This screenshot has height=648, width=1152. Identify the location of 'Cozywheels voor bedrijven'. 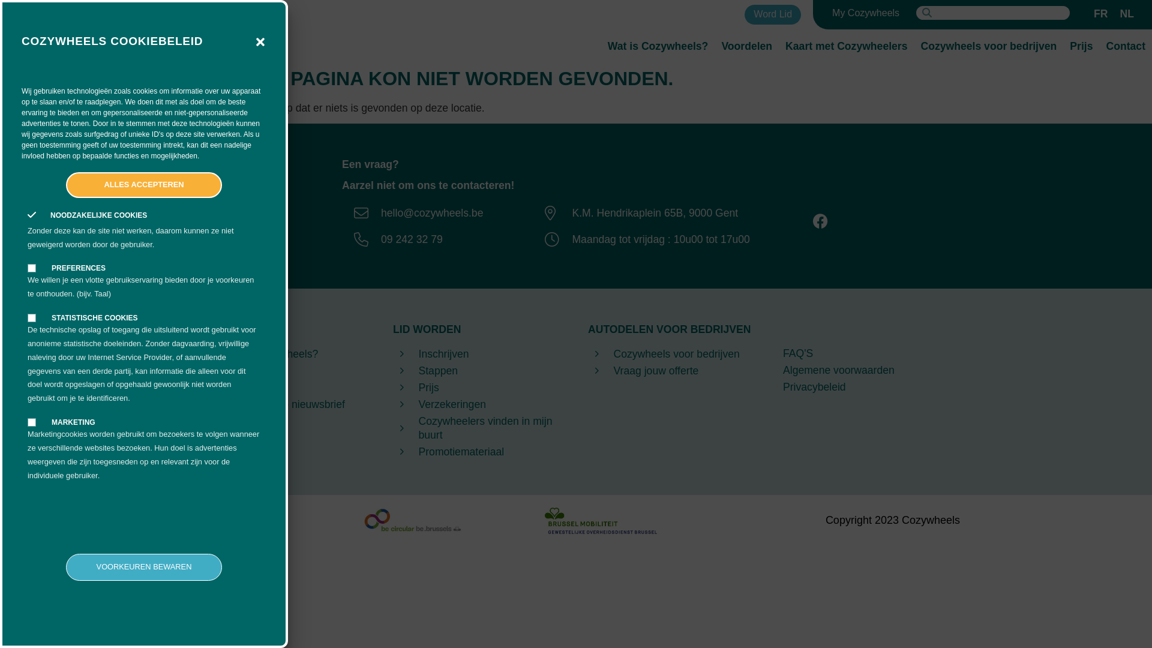
(989, 46).